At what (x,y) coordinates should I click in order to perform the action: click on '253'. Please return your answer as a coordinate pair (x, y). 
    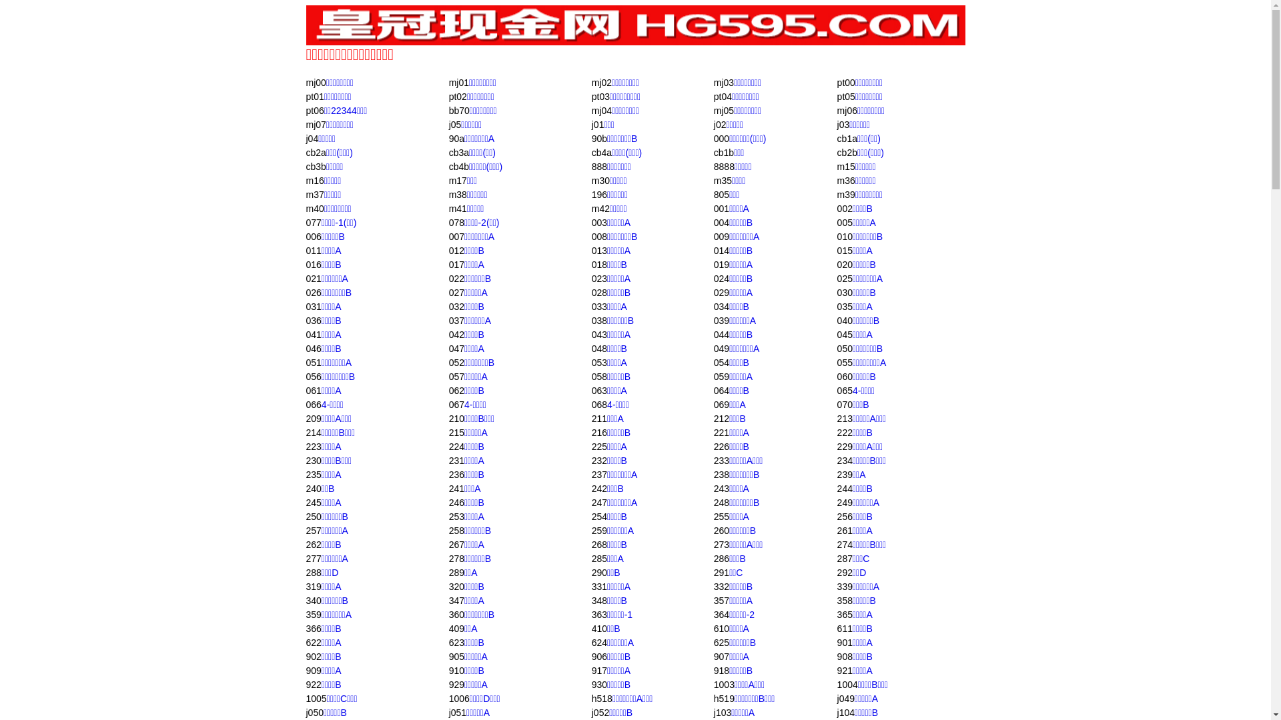
    Looking at the image, I should click on (456, 516).